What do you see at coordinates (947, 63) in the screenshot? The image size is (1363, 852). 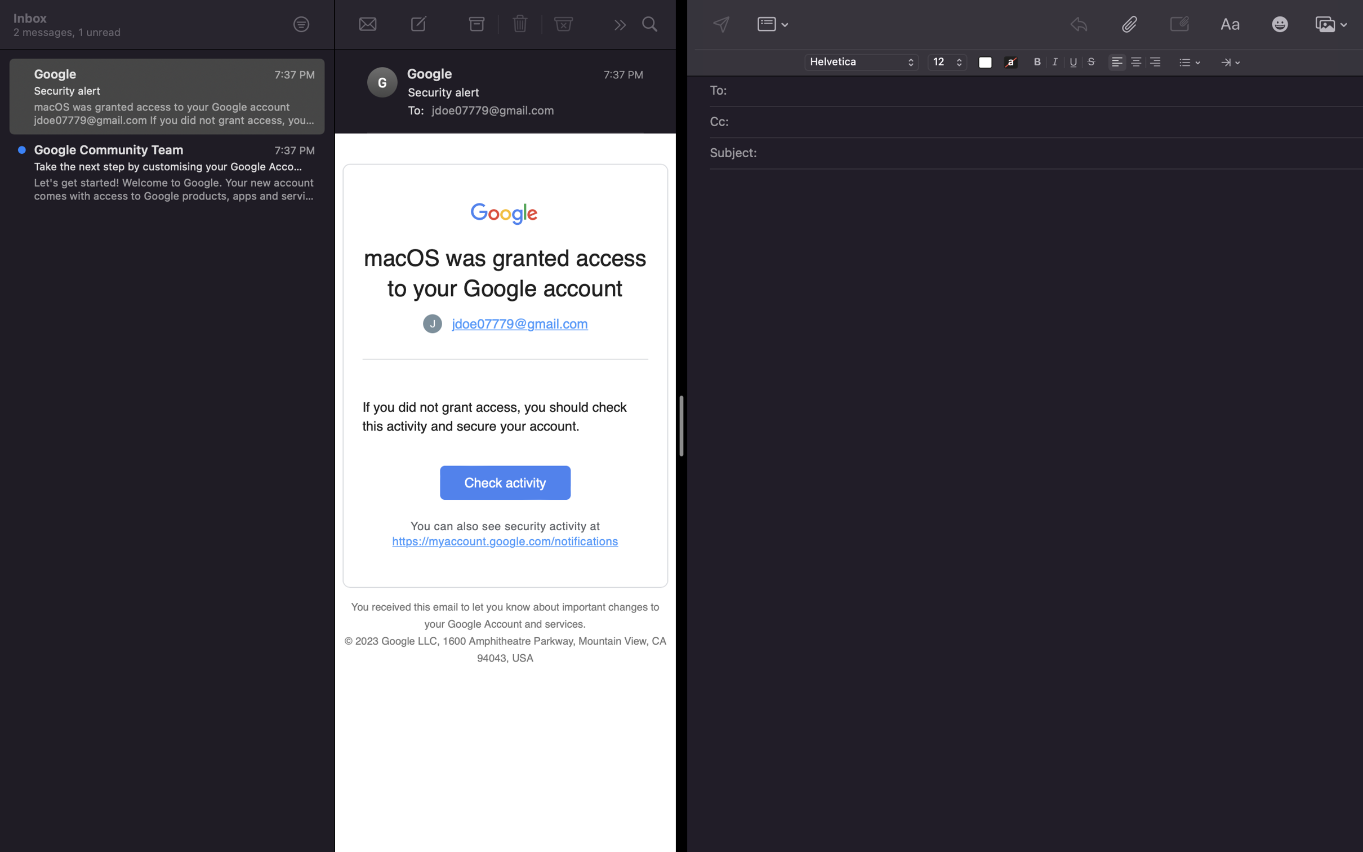 I see `the text size to 12` at bounding box center [947, 63].